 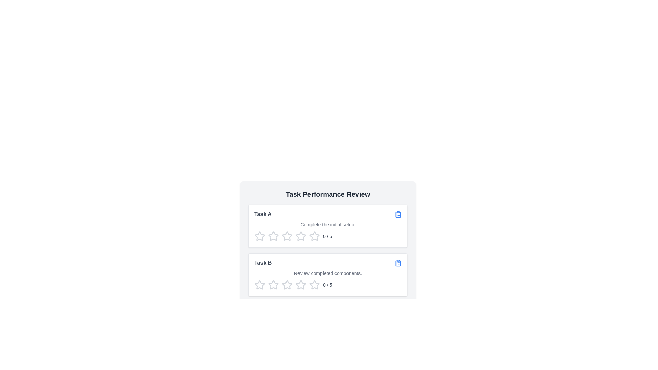 What do you see at coordinates (259, 285) in the screenshot?
I see `the first Rating Star icon in the row of five stars under the 'Task B' section of the 'Task Performance Review', which is indicated by the text '0 / 5'` at bounding box center [259, 285].